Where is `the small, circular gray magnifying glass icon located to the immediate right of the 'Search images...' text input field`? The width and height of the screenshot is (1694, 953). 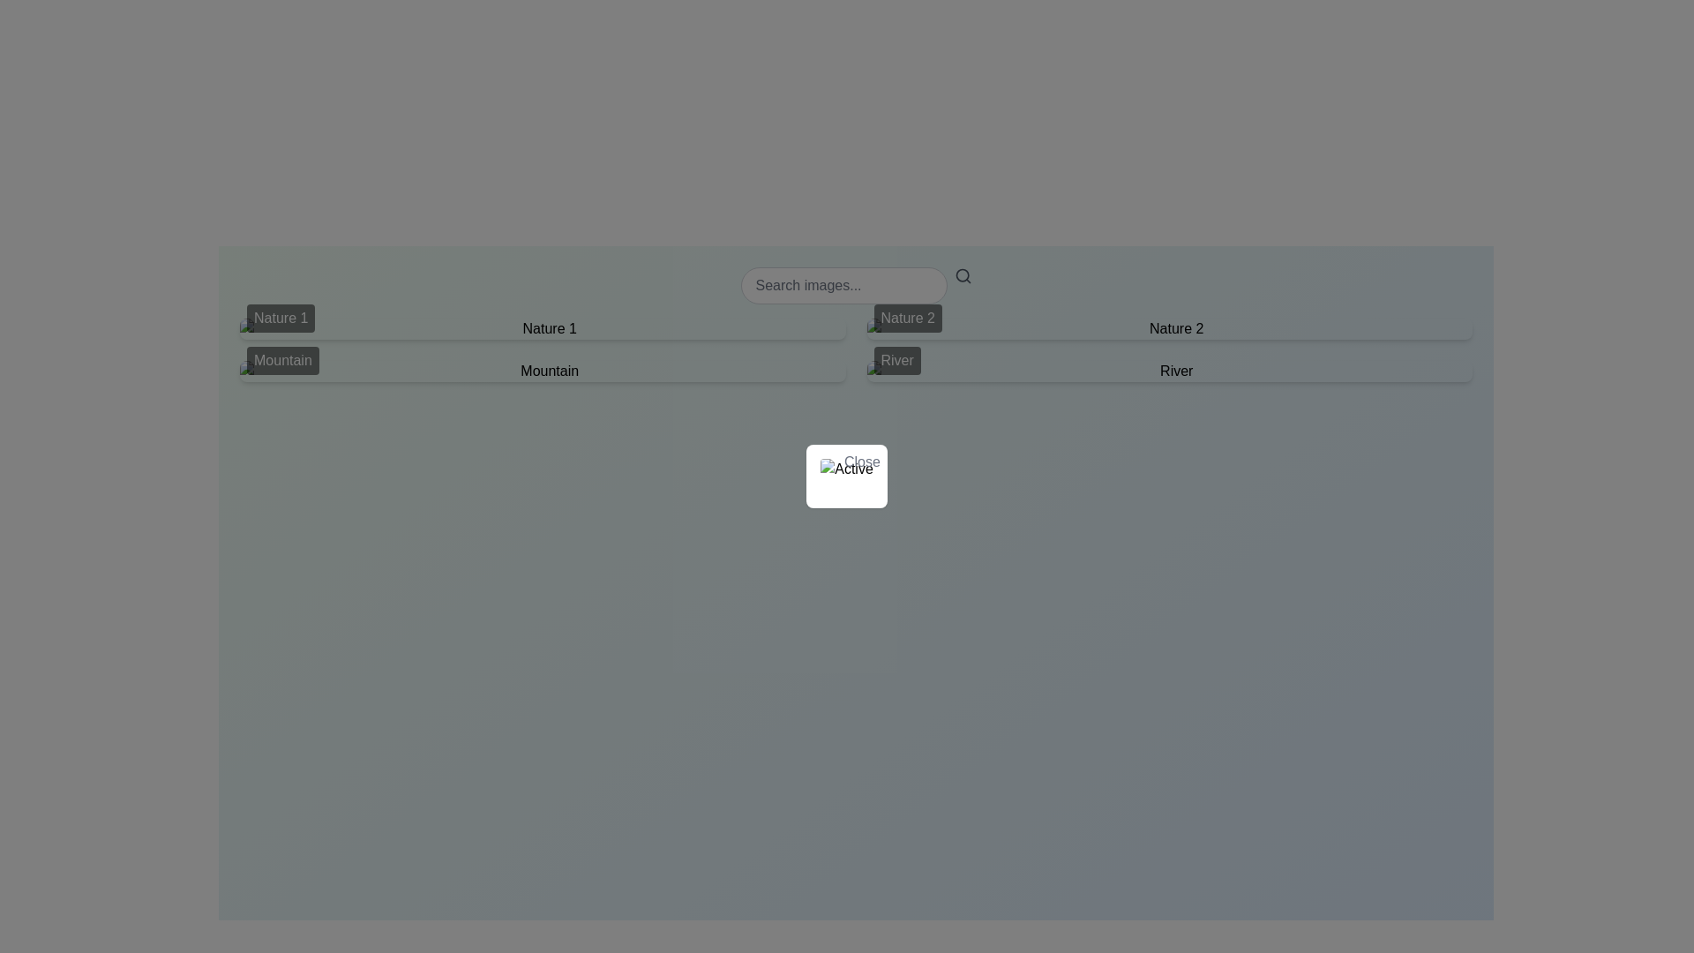 the small, circular gray magnifying glass icon located to the immediate right of the 'Search images...' text input field is located at coordinates (962, 275).